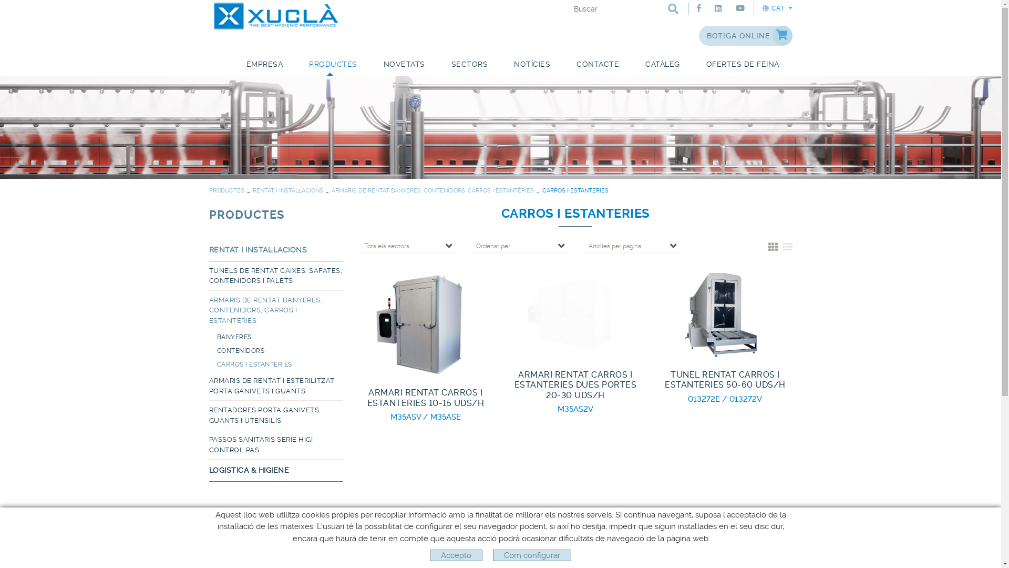 The height and width of the screenshot is (568, 1009). I want to click on 'CONTACTE', so click(598, 65).